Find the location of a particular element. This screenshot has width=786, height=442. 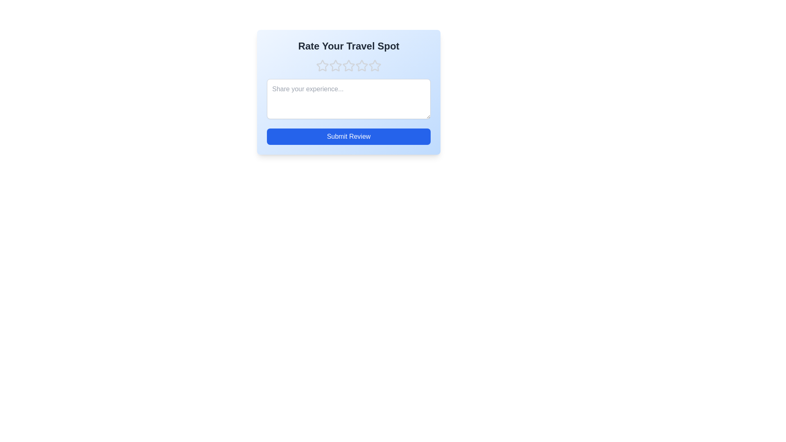

the travel spot rating to 5 stars by clicking on the corresponding star is located at coordinates (375, 65).